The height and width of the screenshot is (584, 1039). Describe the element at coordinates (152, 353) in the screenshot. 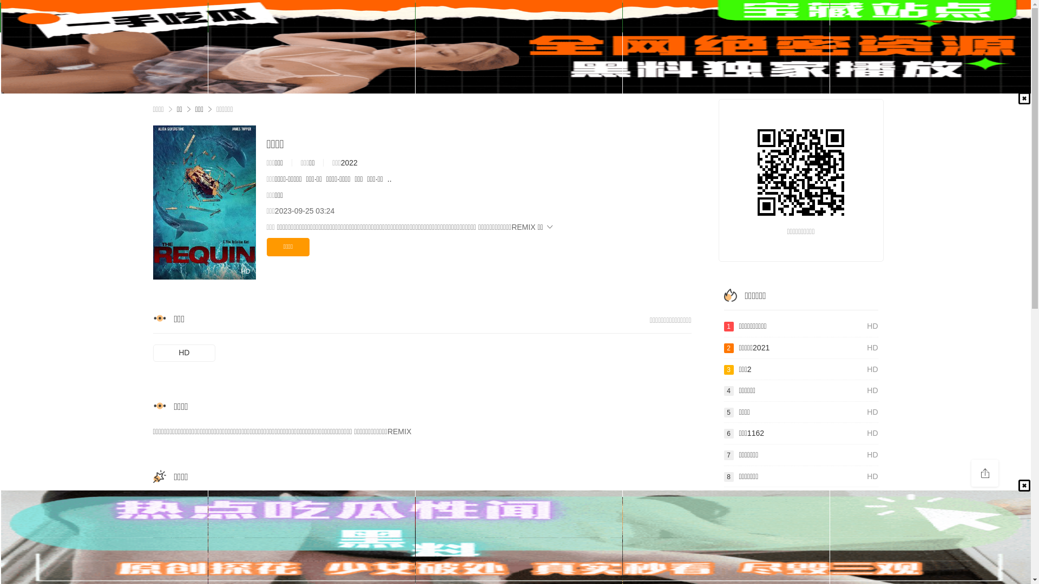

I see `'HD'` at that location.